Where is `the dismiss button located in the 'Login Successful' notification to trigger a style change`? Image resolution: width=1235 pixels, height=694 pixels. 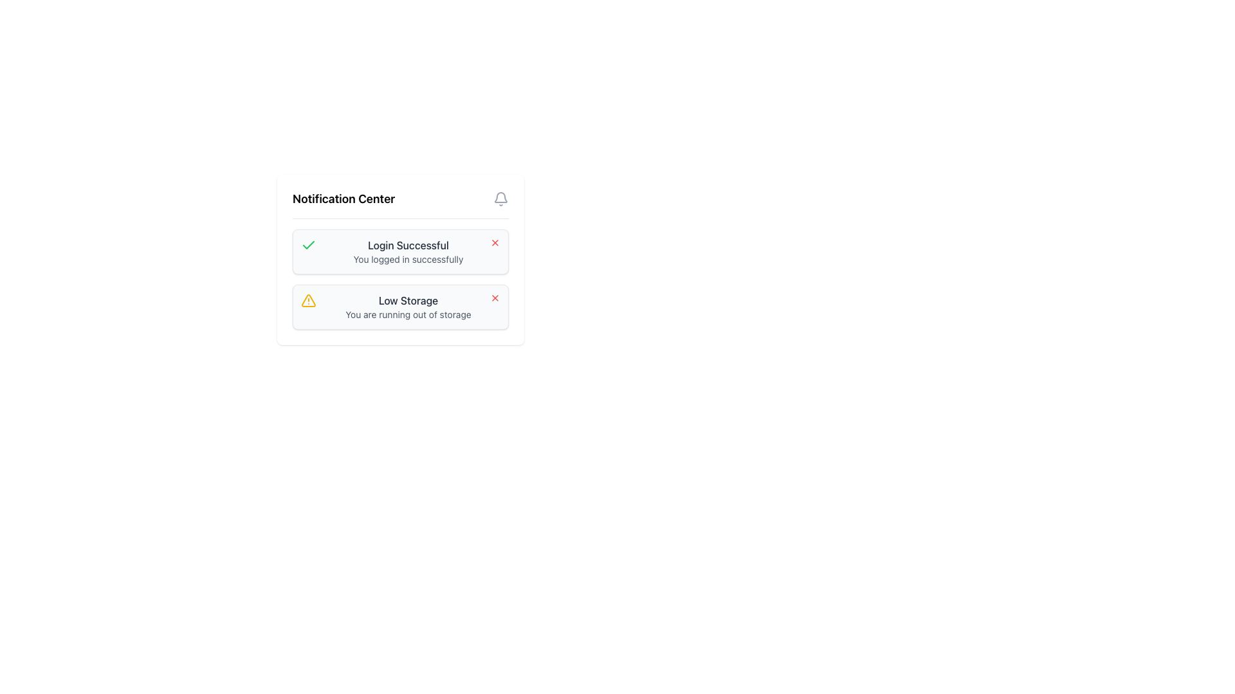 the dismiss button located in the 'Login Successful' notification to trigger a style change is located at coordinates (494, 243).